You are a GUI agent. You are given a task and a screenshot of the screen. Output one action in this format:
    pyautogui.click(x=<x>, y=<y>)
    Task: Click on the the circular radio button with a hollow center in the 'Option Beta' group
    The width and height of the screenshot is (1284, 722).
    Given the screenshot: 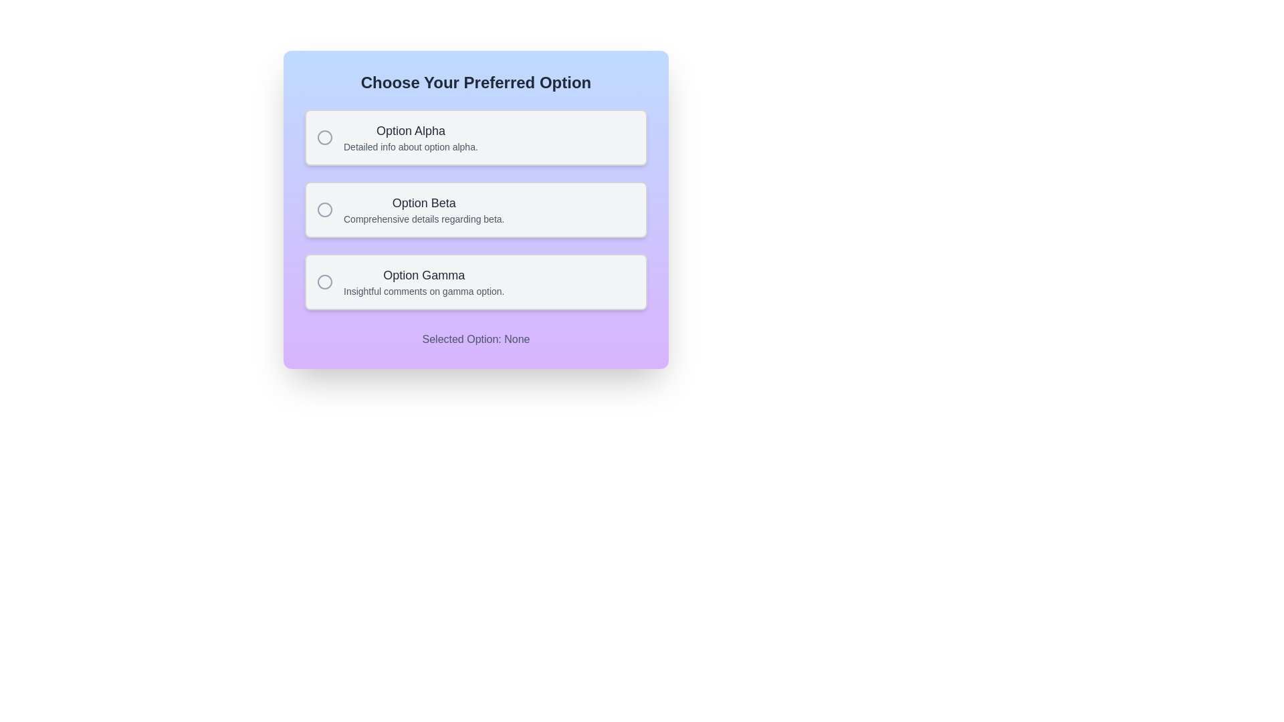 What is the action you would take?
    pyautogui.click(x=324, y=209)
    